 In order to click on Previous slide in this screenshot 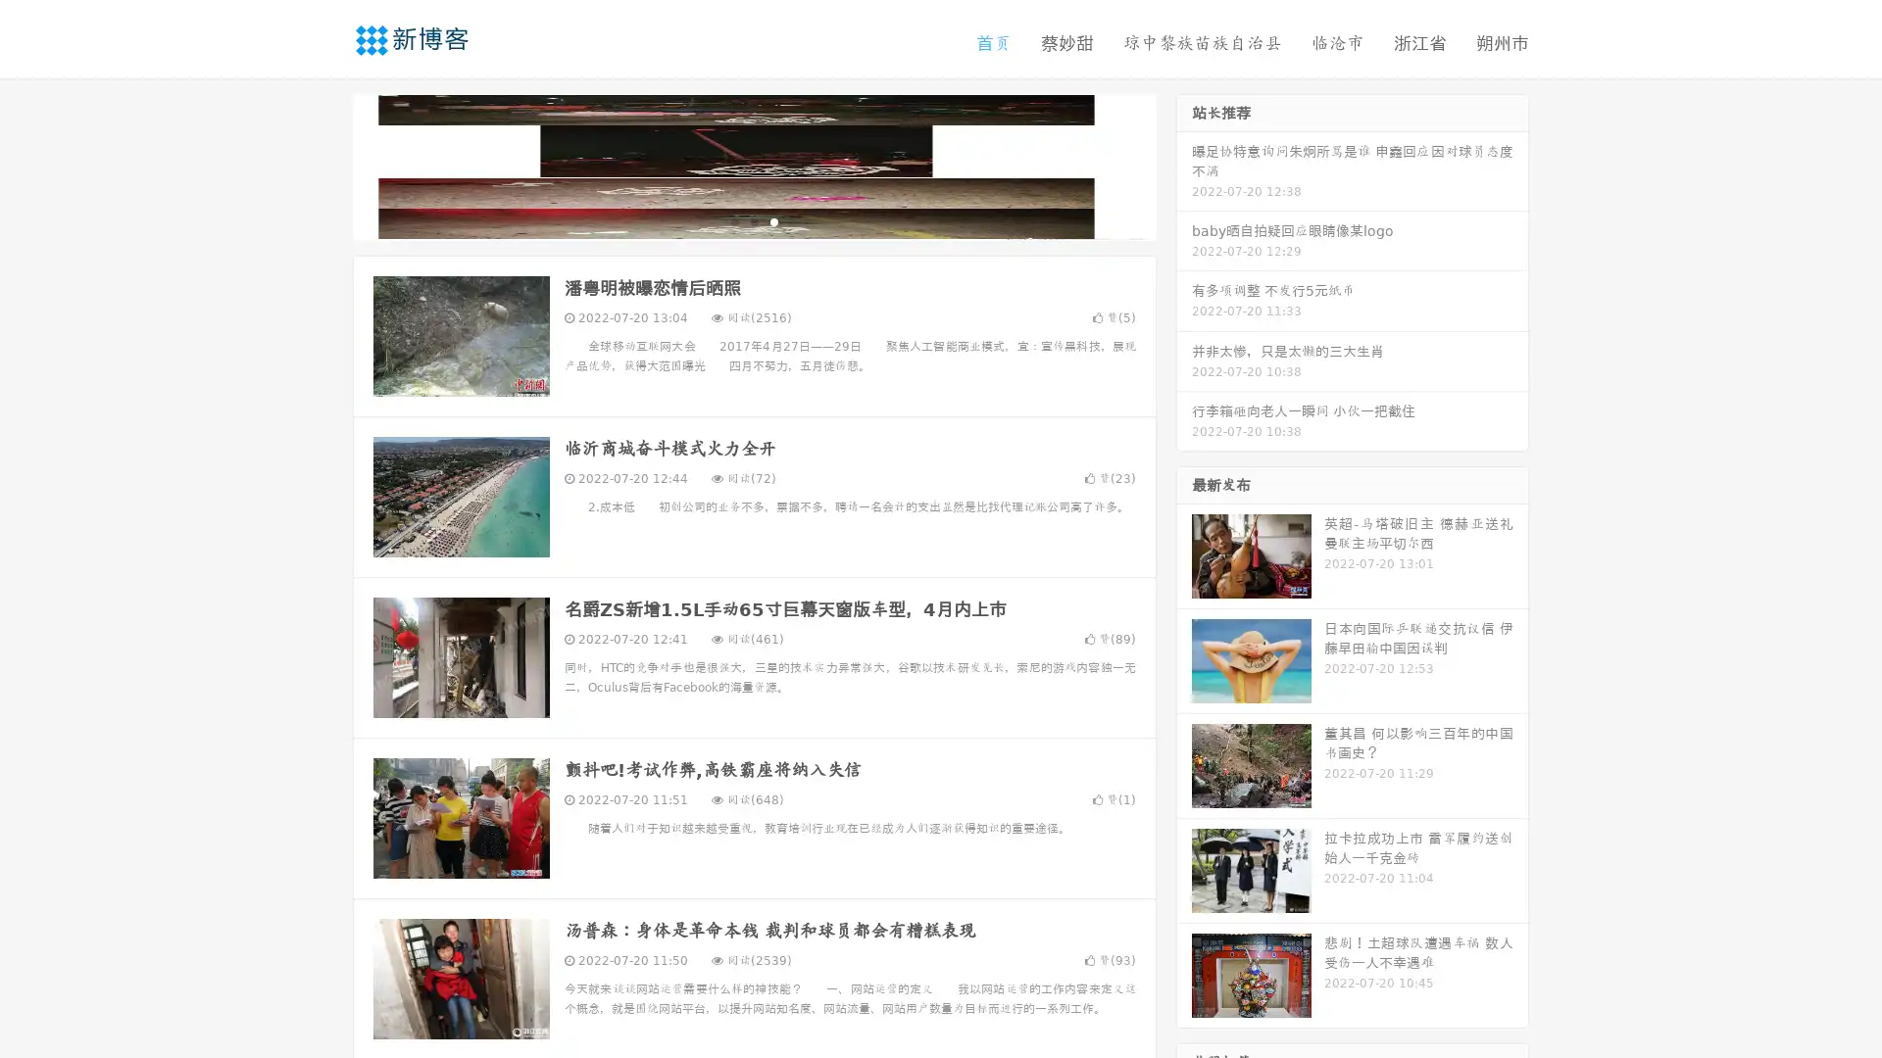, I will do `click(323, 165)`.